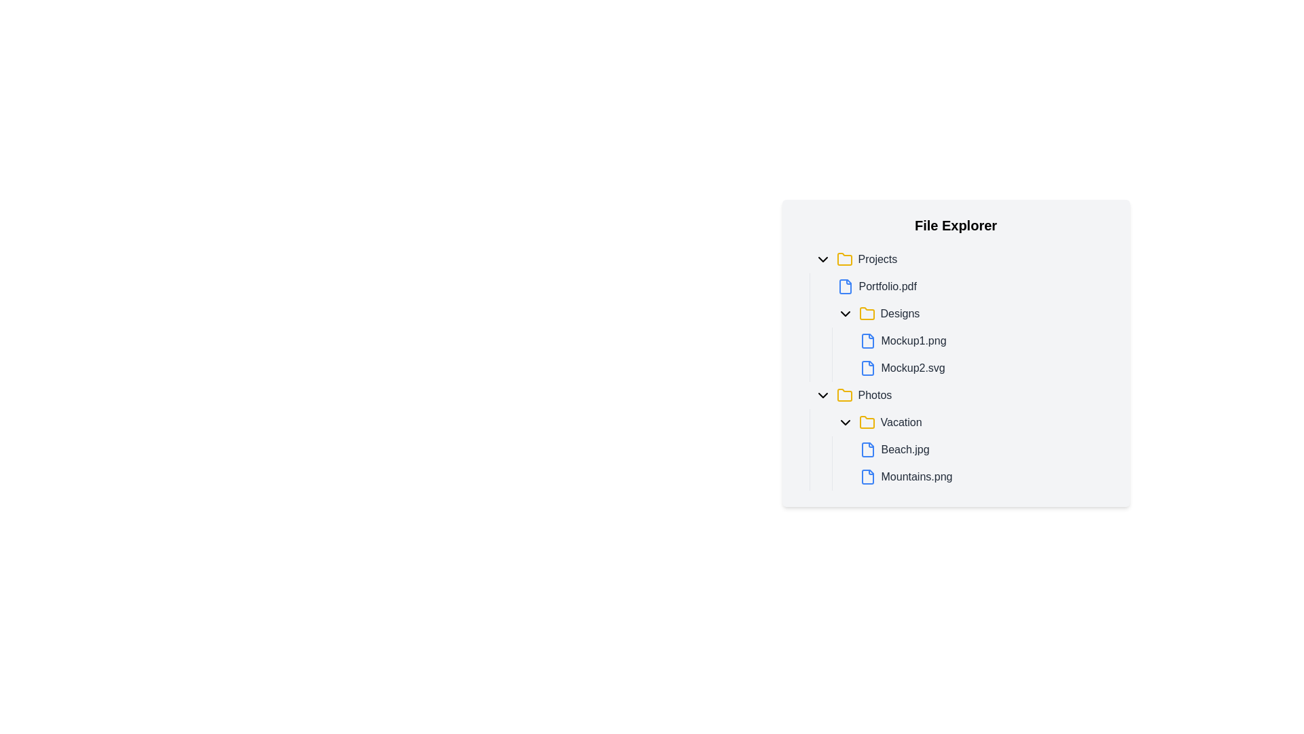 The image size is (1304, 734). Describe the element at coordinates (866, 314) in the screenshot. I see `the yellow folder icon representing 'Designs'` at that location.